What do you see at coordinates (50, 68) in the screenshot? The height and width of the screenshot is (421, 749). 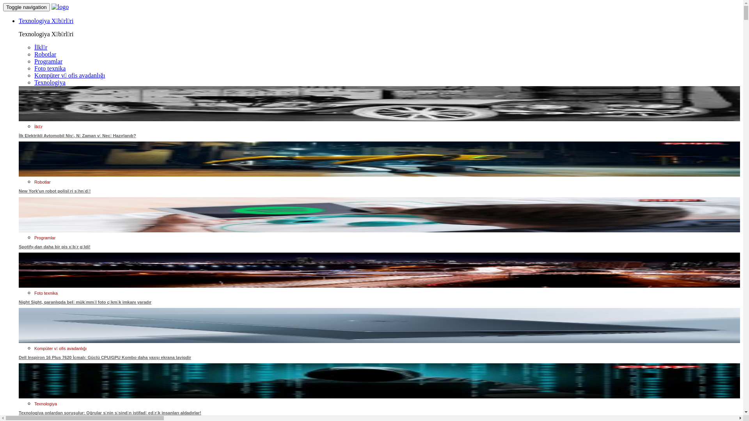 I see `'Foto texnika'` at bounding box center [50, 68].